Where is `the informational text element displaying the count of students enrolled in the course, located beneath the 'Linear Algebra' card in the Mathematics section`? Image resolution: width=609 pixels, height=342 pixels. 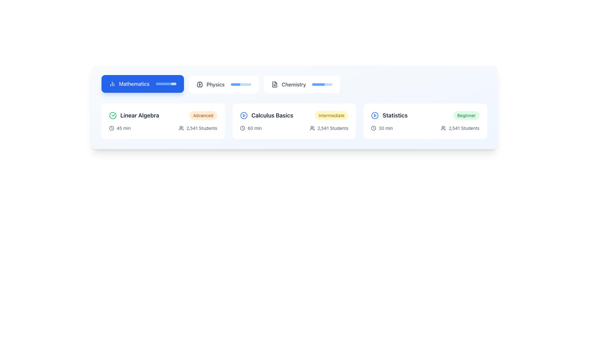
the informational text element displaying the count of students enrolled in the course, located beneath the 'Linear Algebra' card in the Mathematics section is located at coordinates (198, 128).